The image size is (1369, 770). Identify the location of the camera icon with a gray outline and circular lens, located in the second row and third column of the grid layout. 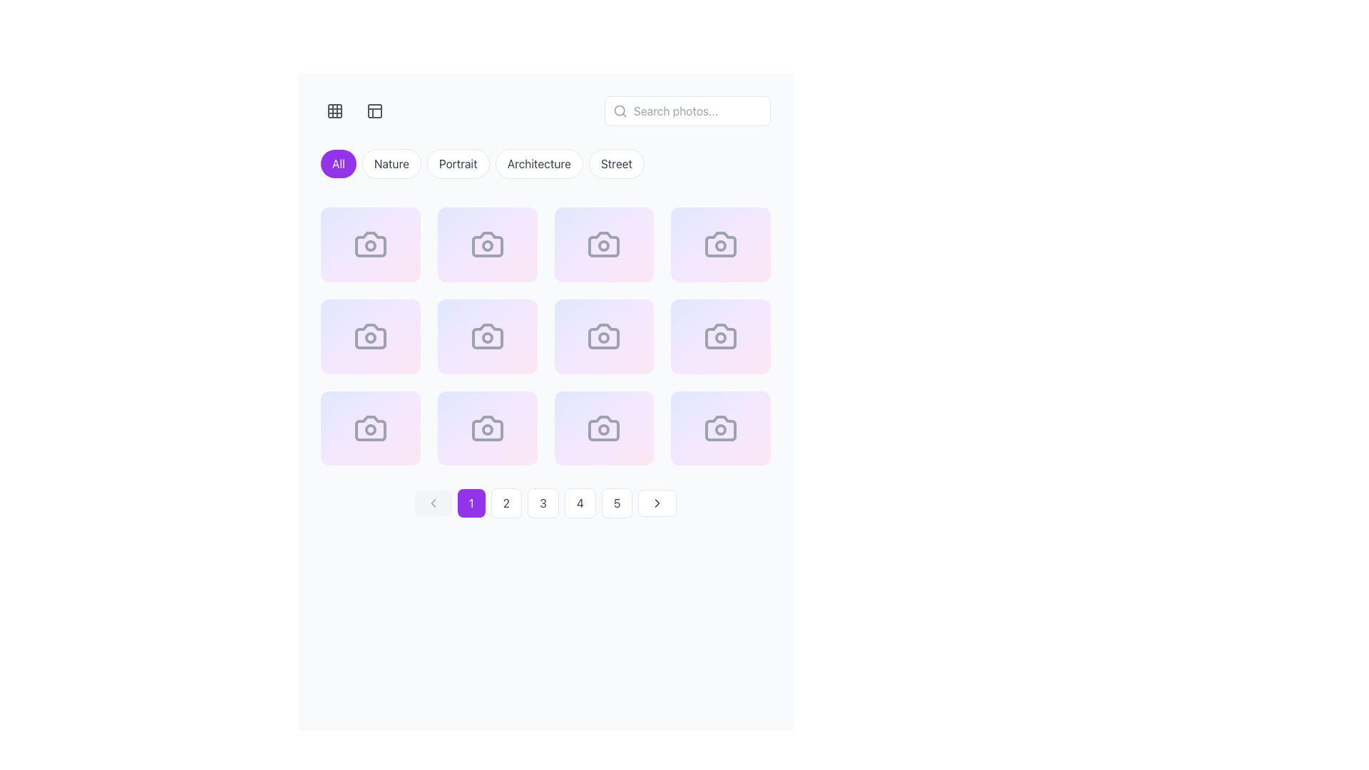
(604, 244).